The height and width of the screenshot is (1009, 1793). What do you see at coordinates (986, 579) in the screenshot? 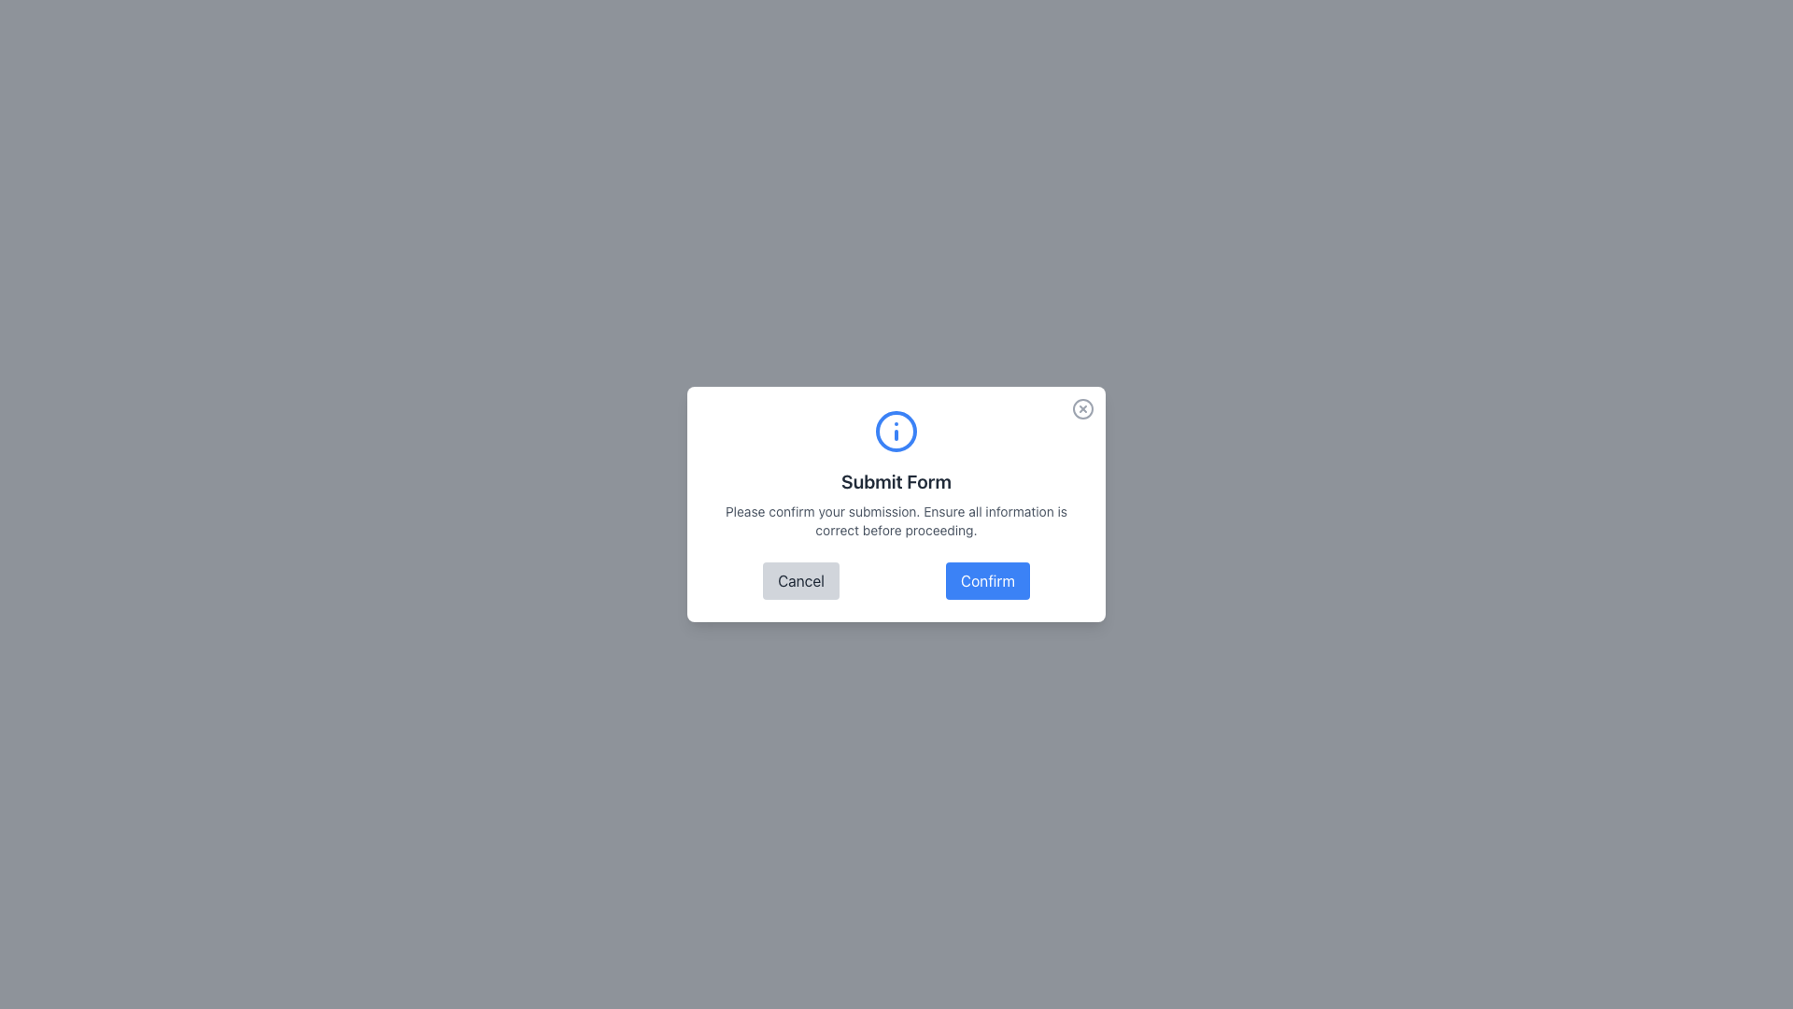
I see `the confirmation button located at the bottom of the modal dialog, which is the second button in a horizontal layout following the 'Cancel' button` at bounding box center [986, 579].